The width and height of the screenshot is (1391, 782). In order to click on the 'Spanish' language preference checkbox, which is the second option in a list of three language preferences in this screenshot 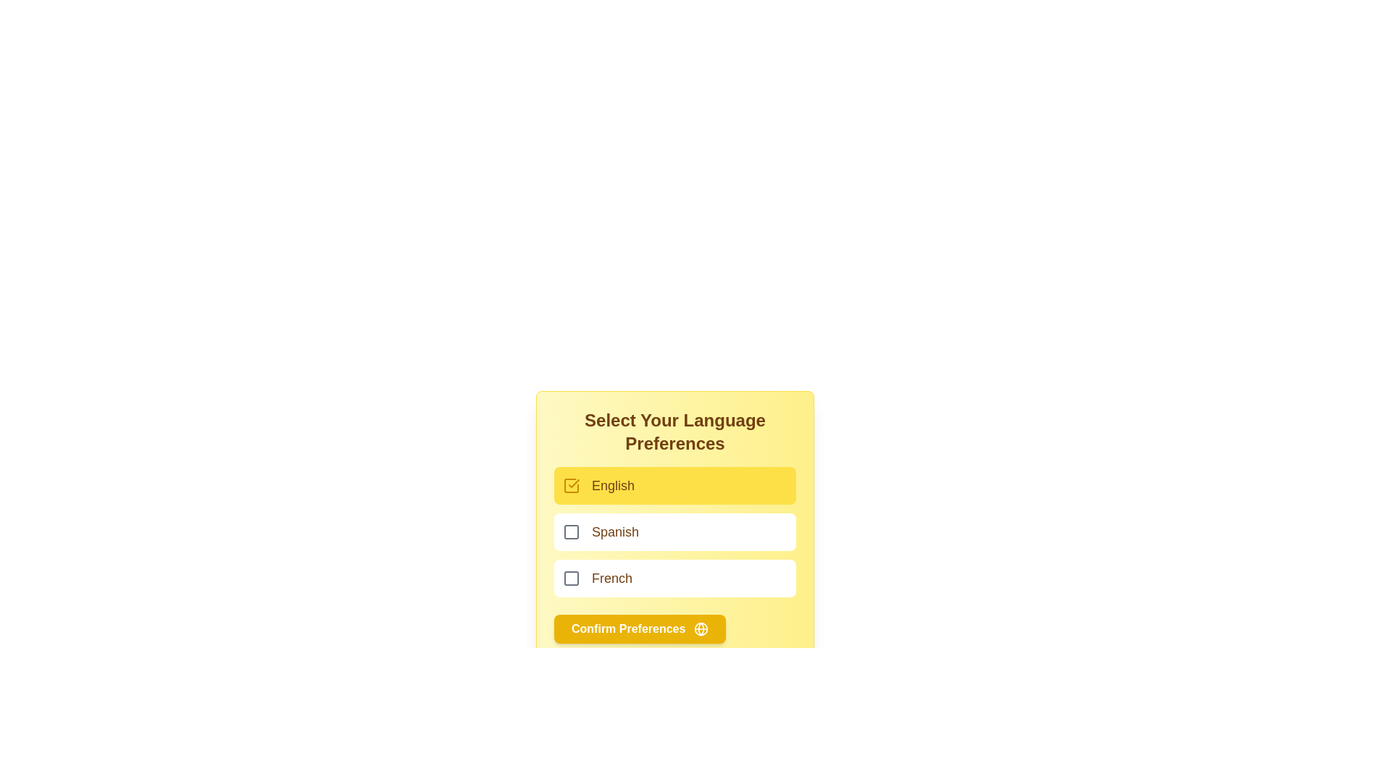, I will do `click(674, 526)`.